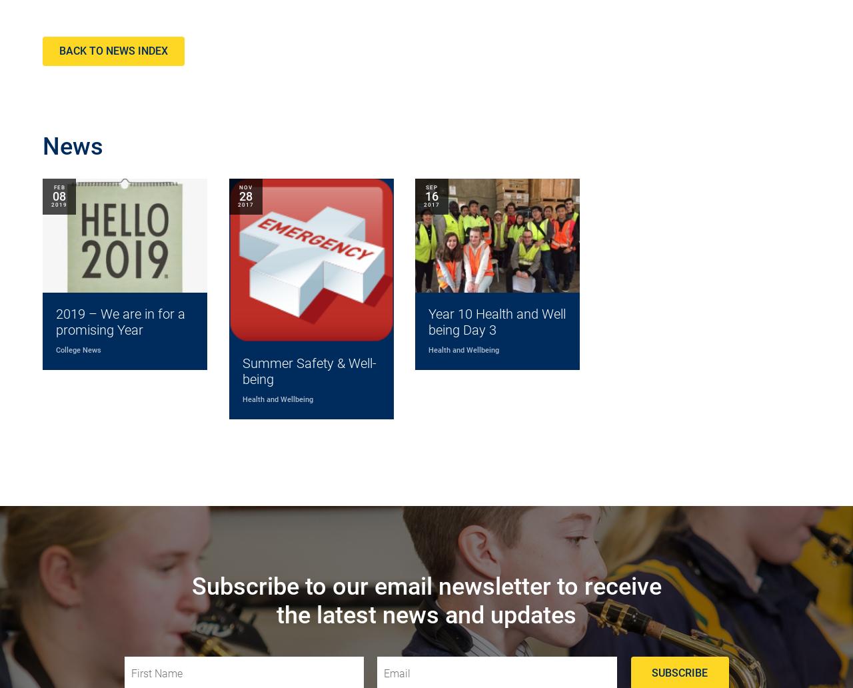 Image resolution: width=853 pixels, height=688 pixels. Describe the element at coordinates (58, 204) in the screenshot. I see `'2019'` at that location.